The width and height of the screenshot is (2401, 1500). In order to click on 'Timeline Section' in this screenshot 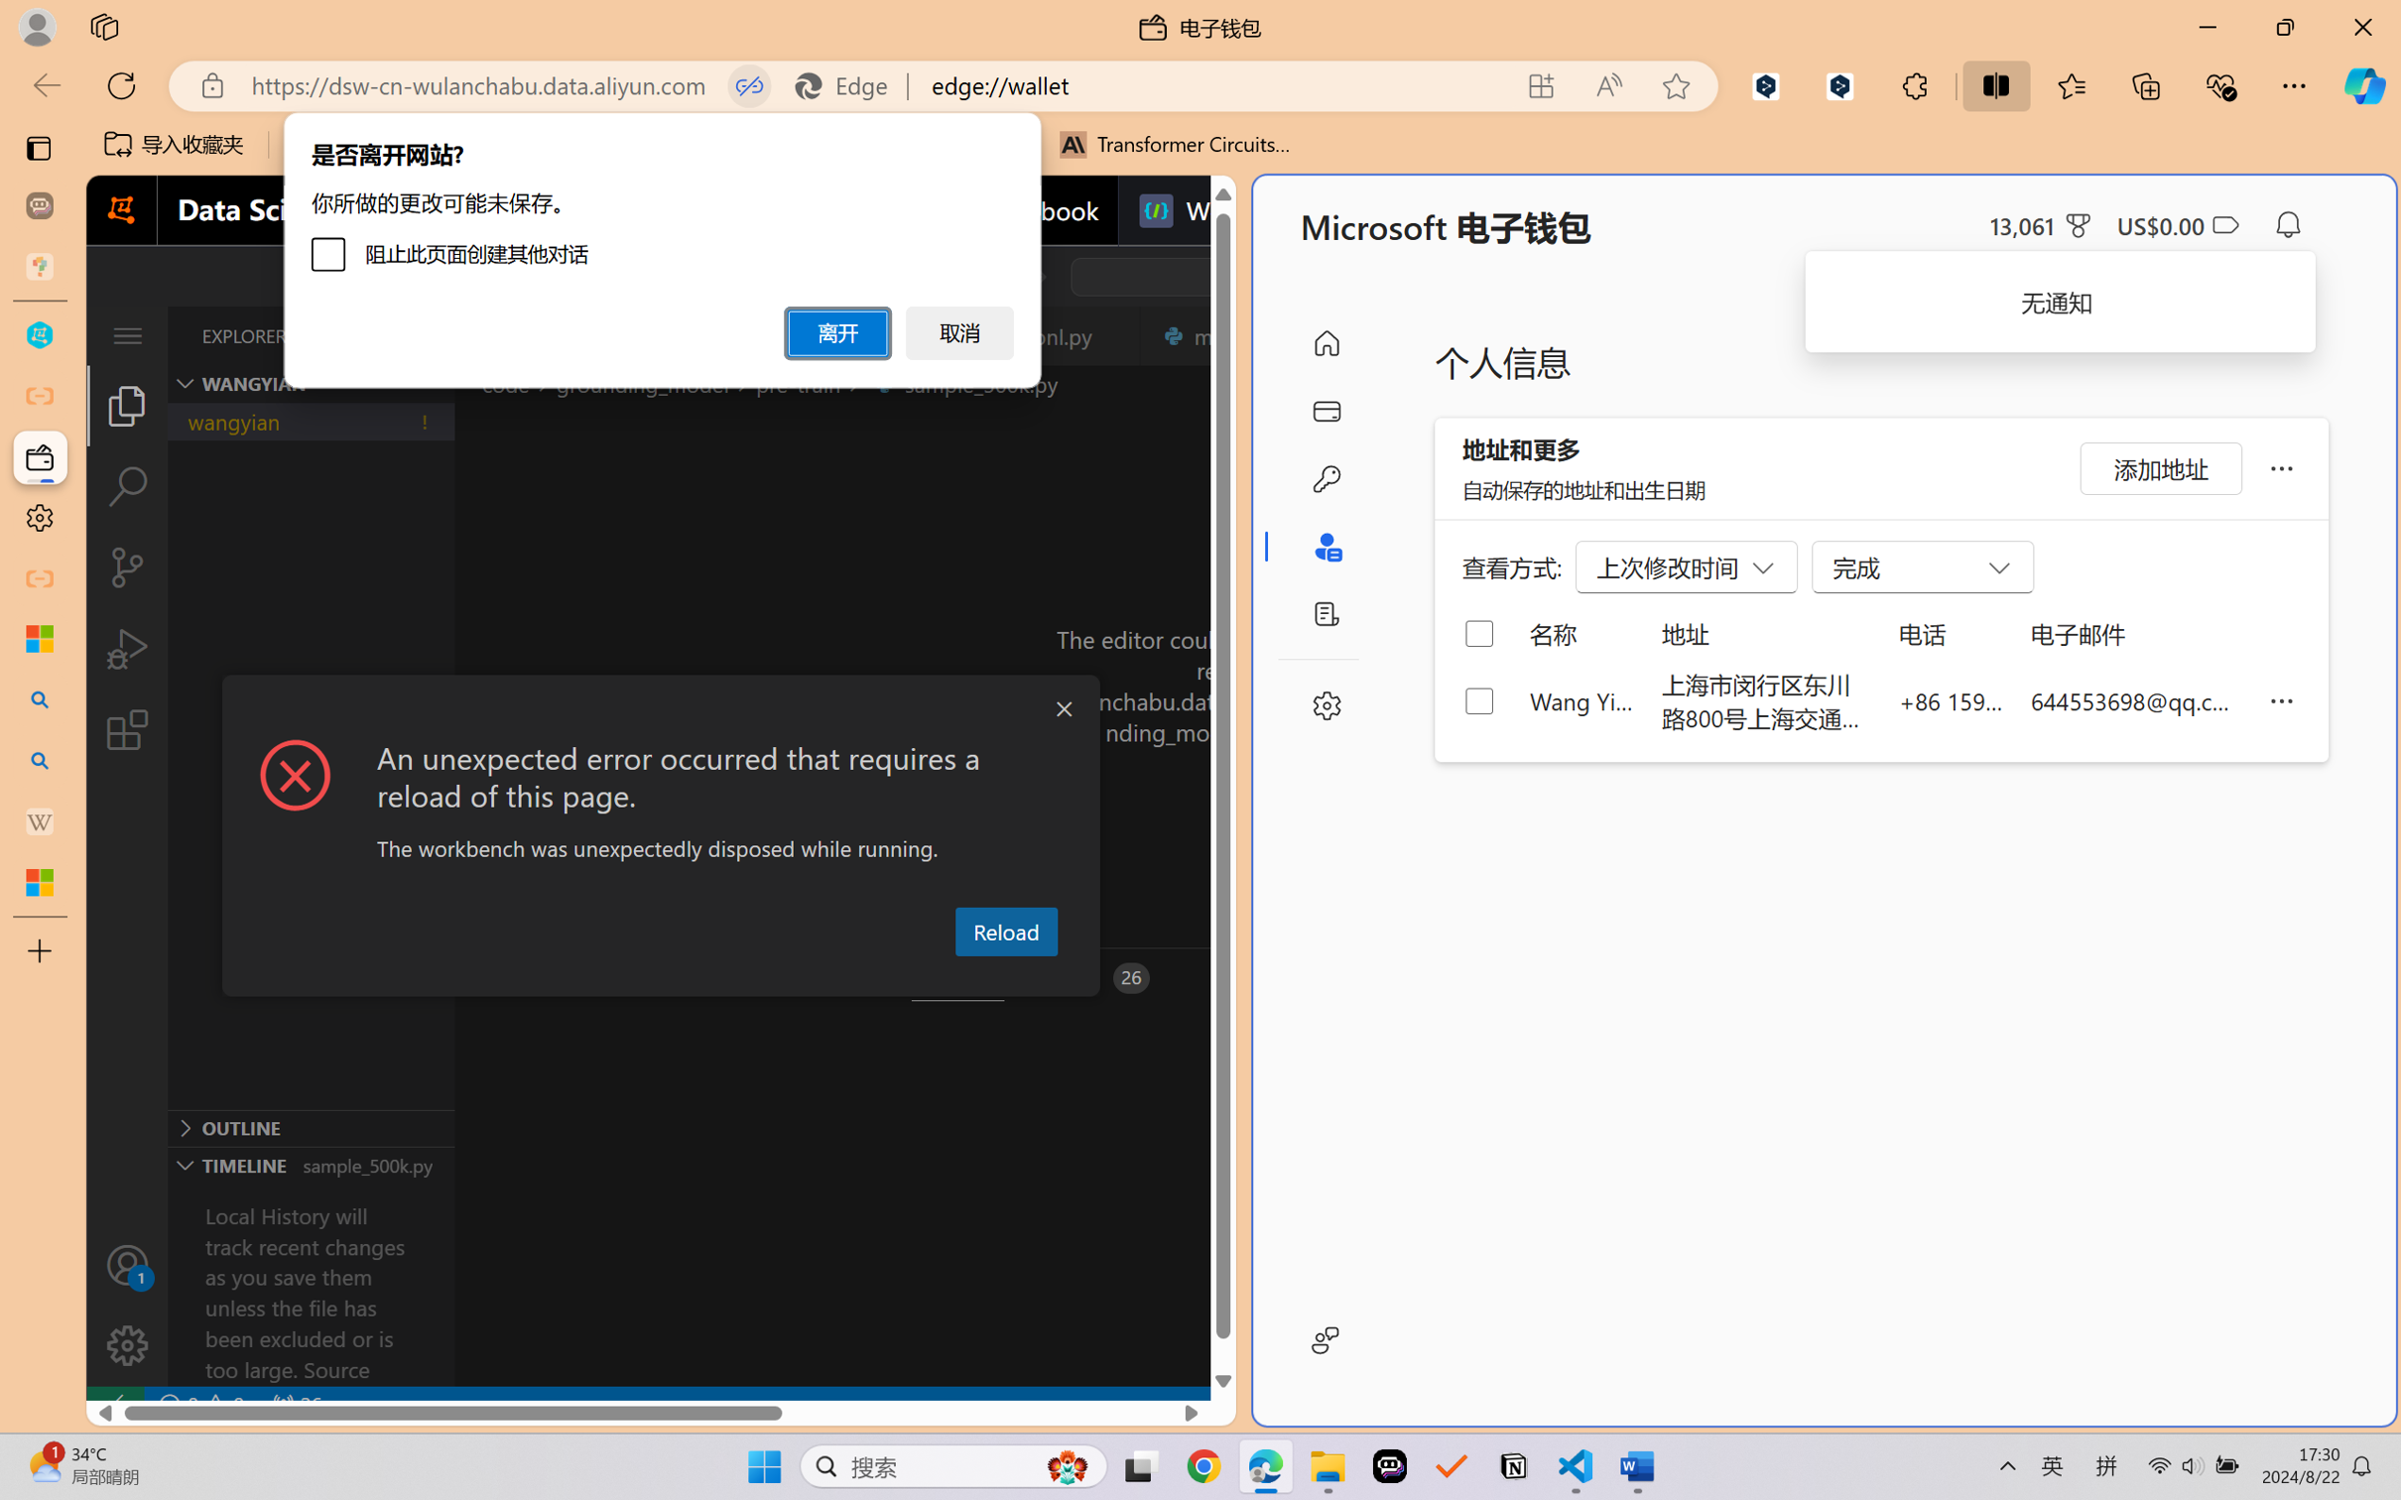, I will do `click(311, 1165)`.